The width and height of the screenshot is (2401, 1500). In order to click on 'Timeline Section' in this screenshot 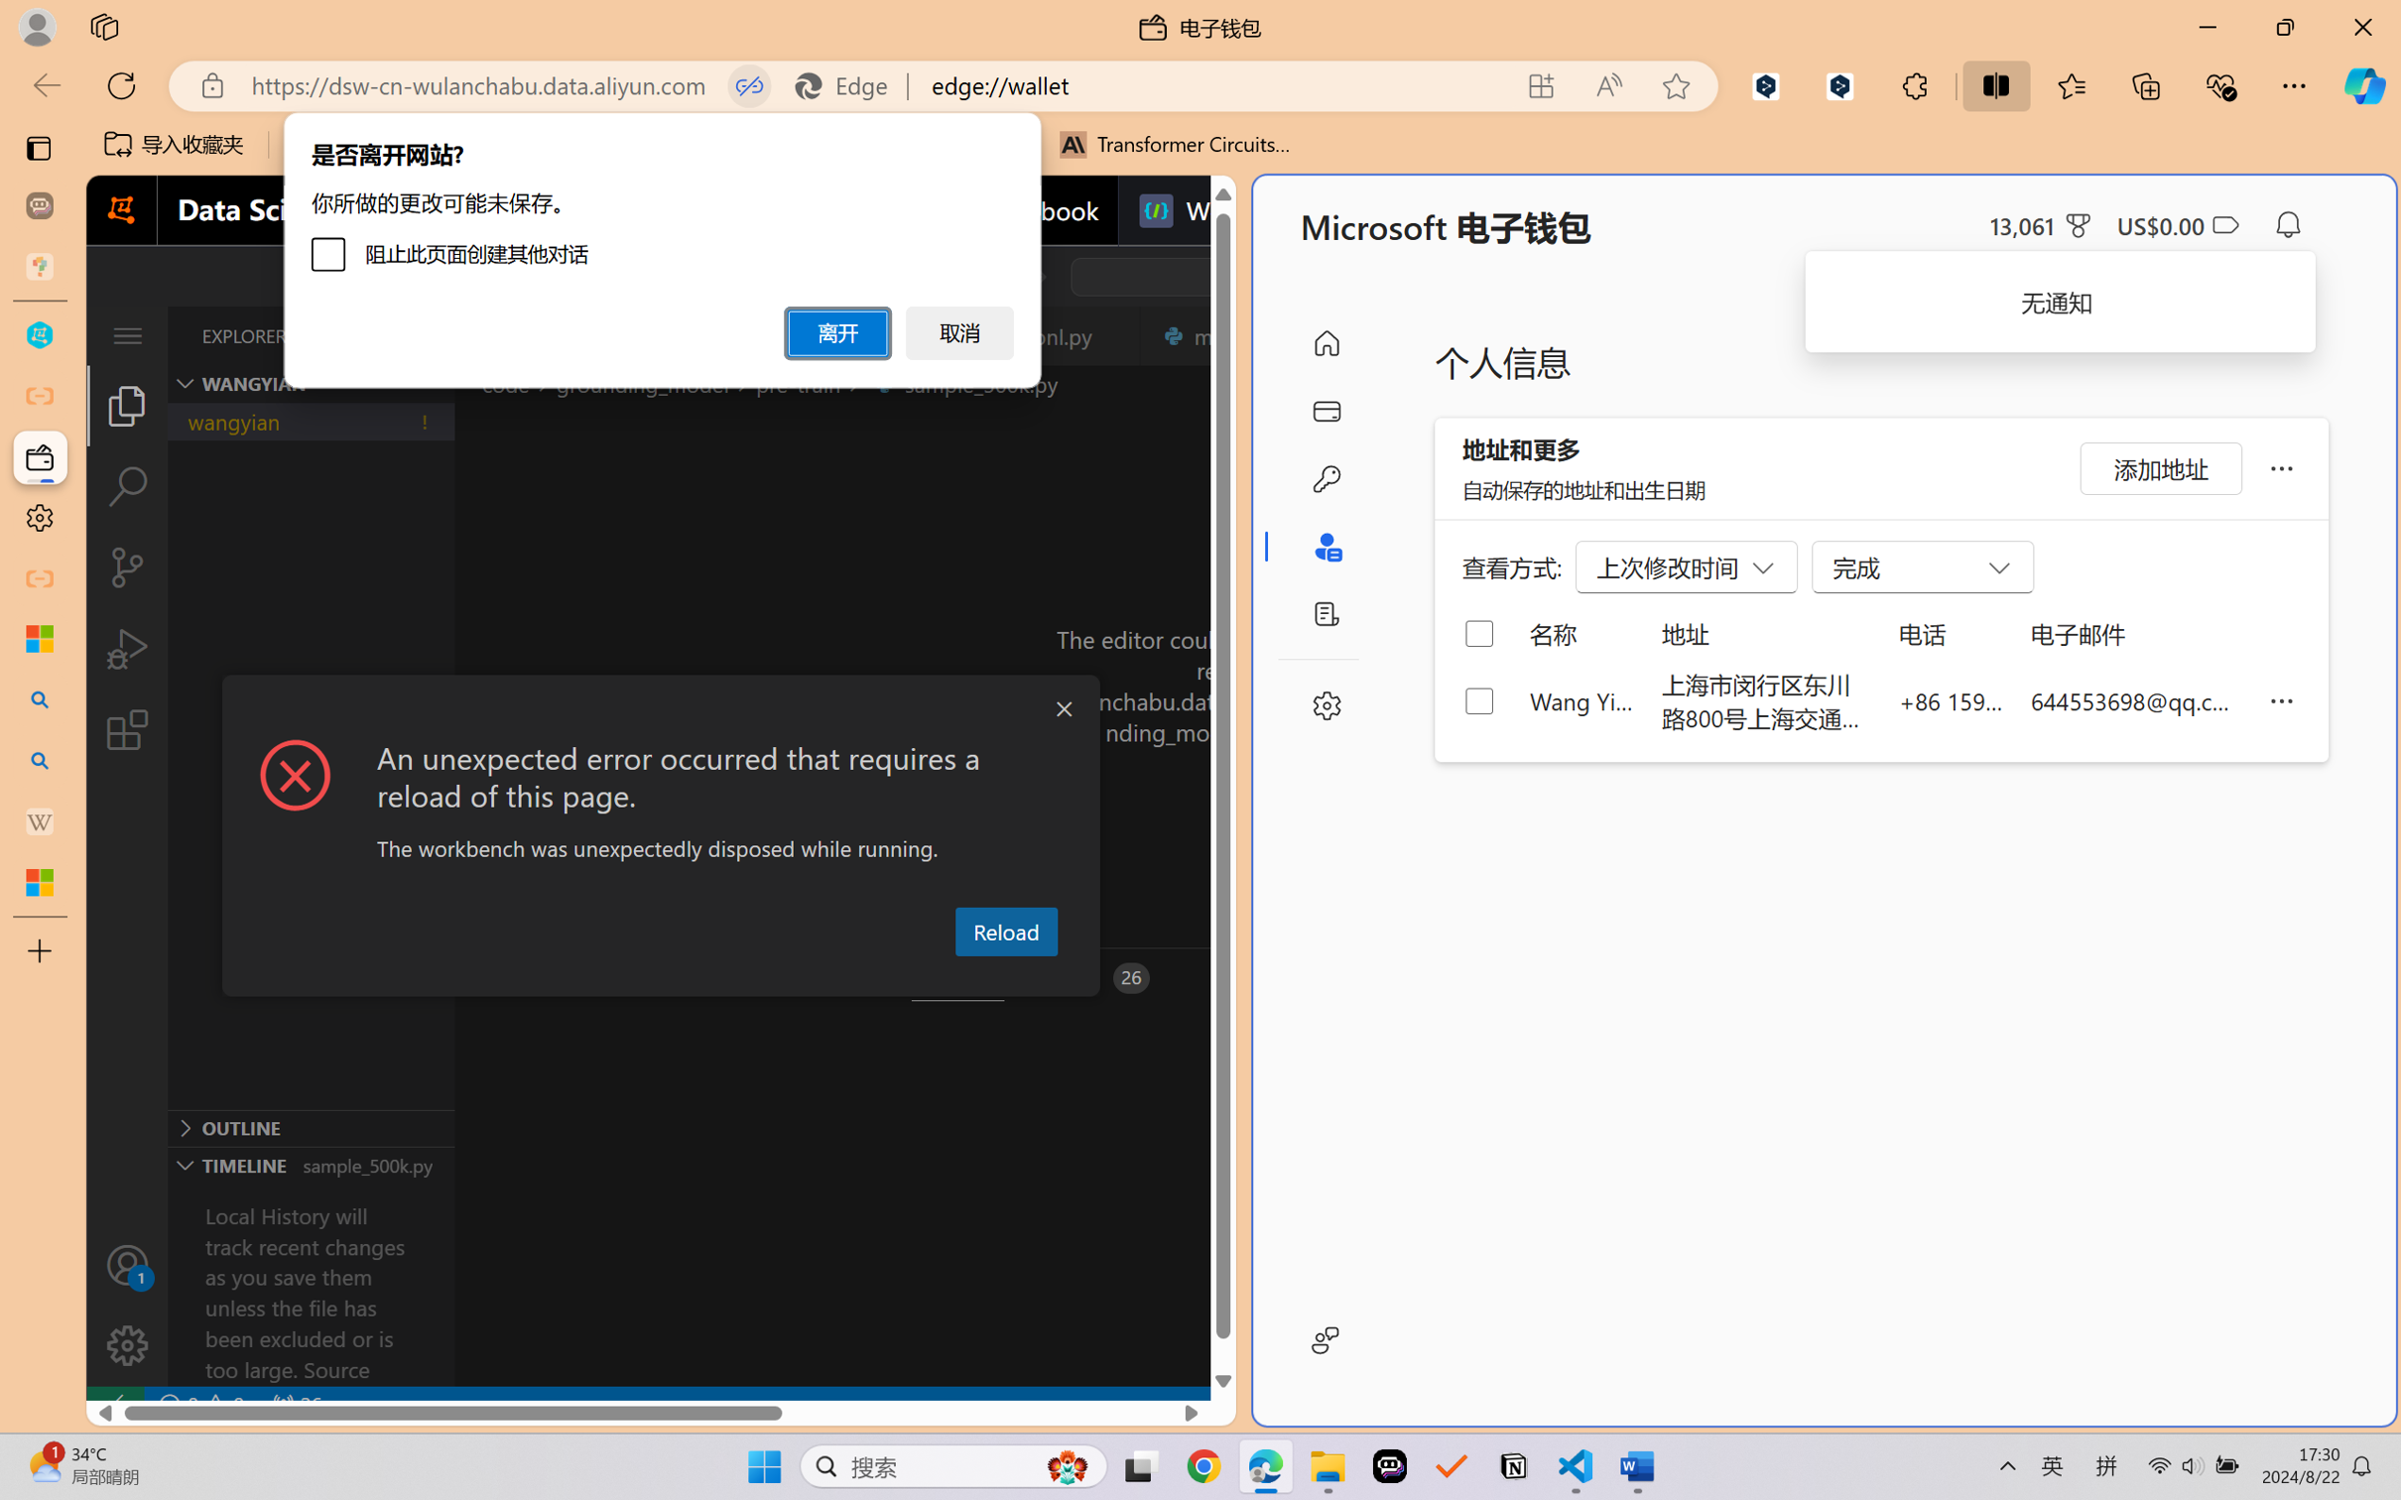, I will do `click(311, 1165)`.